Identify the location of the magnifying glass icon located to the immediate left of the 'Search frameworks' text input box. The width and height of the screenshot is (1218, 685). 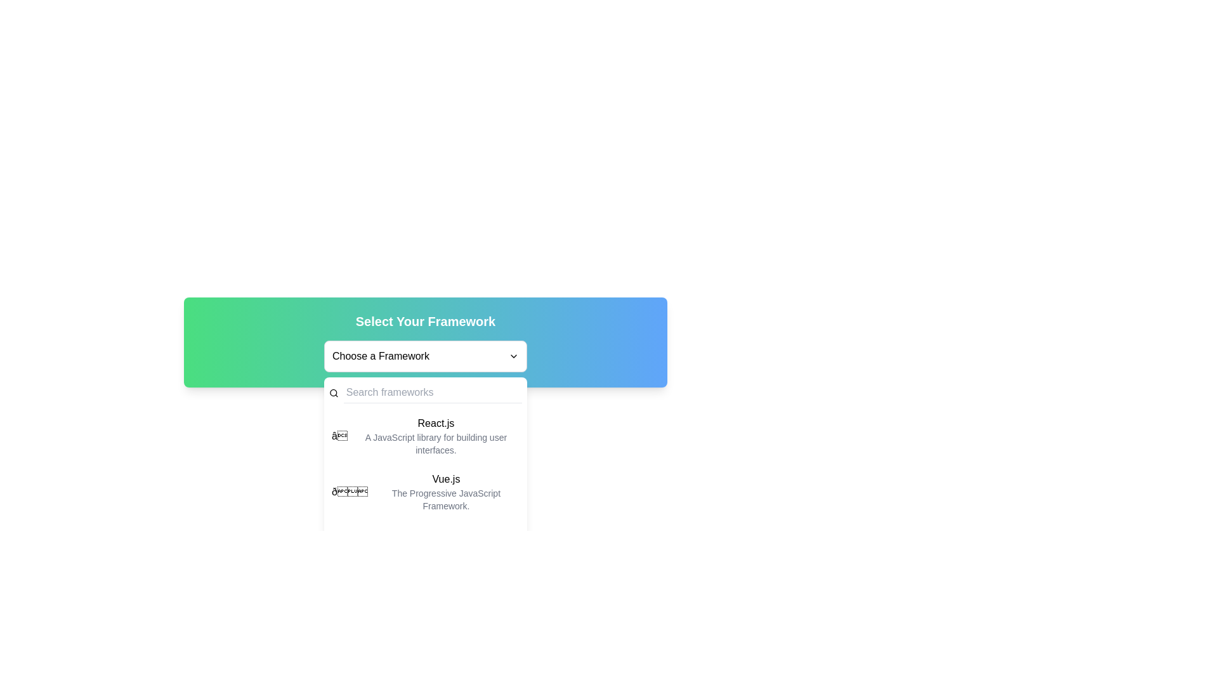
(334, 392).